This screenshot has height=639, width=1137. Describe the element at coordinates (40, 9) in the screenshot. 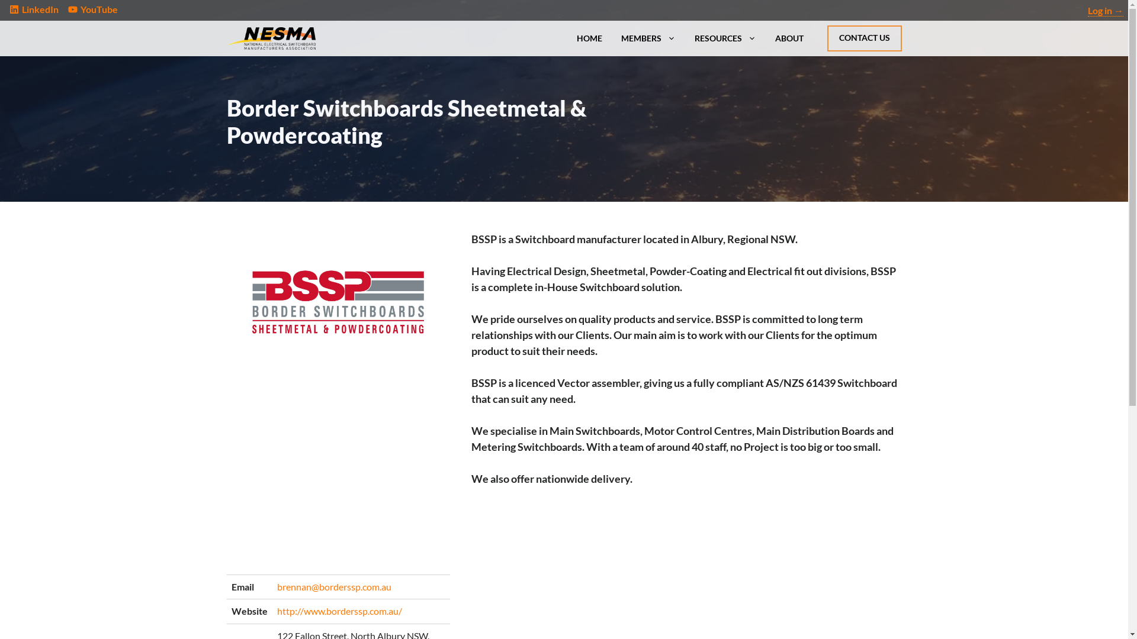

I see `'LinkedIn'` at that location.